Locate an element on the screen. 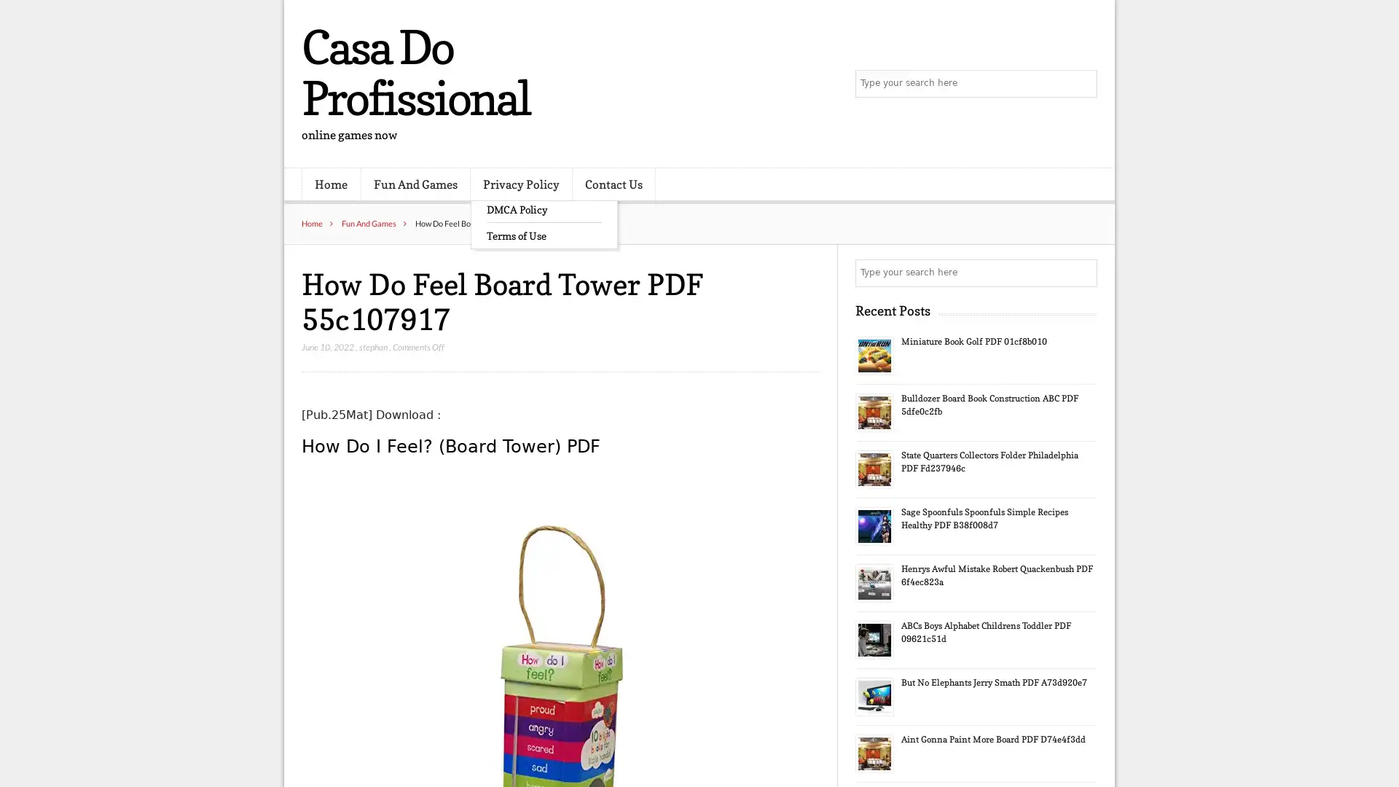 The height and width of the screenshot is (787, 1399). Search is located at coordinates (1082, 84).